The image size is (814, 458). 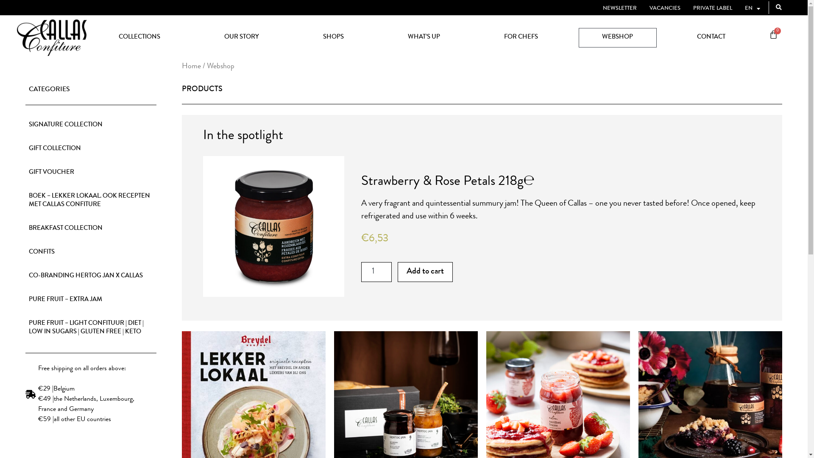 I want to click on 'Add to cart', so click(x=425, y=272).